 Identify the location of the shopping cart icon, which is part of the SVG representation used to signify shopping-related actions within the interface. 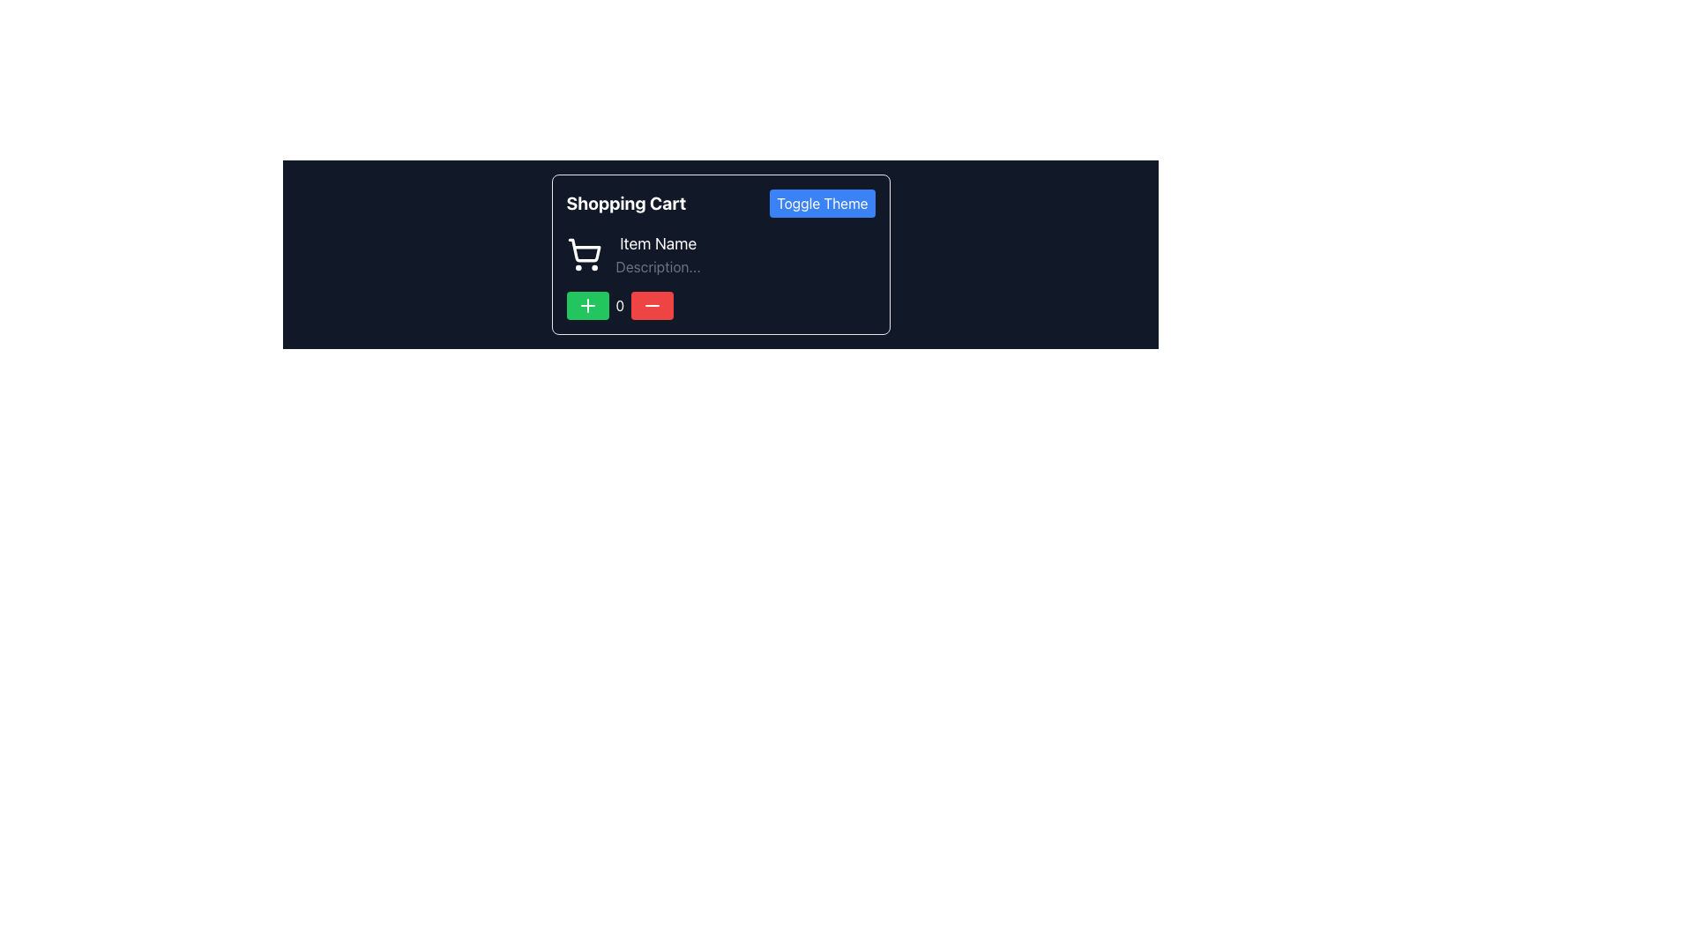
(584, 250).